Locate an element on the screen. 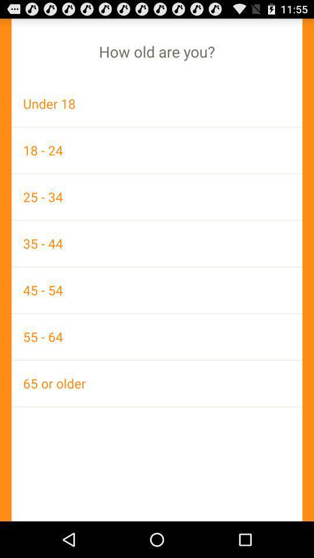 The width and height of the screenshot is (314, 558). the item above the 65 or older is located at coordinates (157, 337).